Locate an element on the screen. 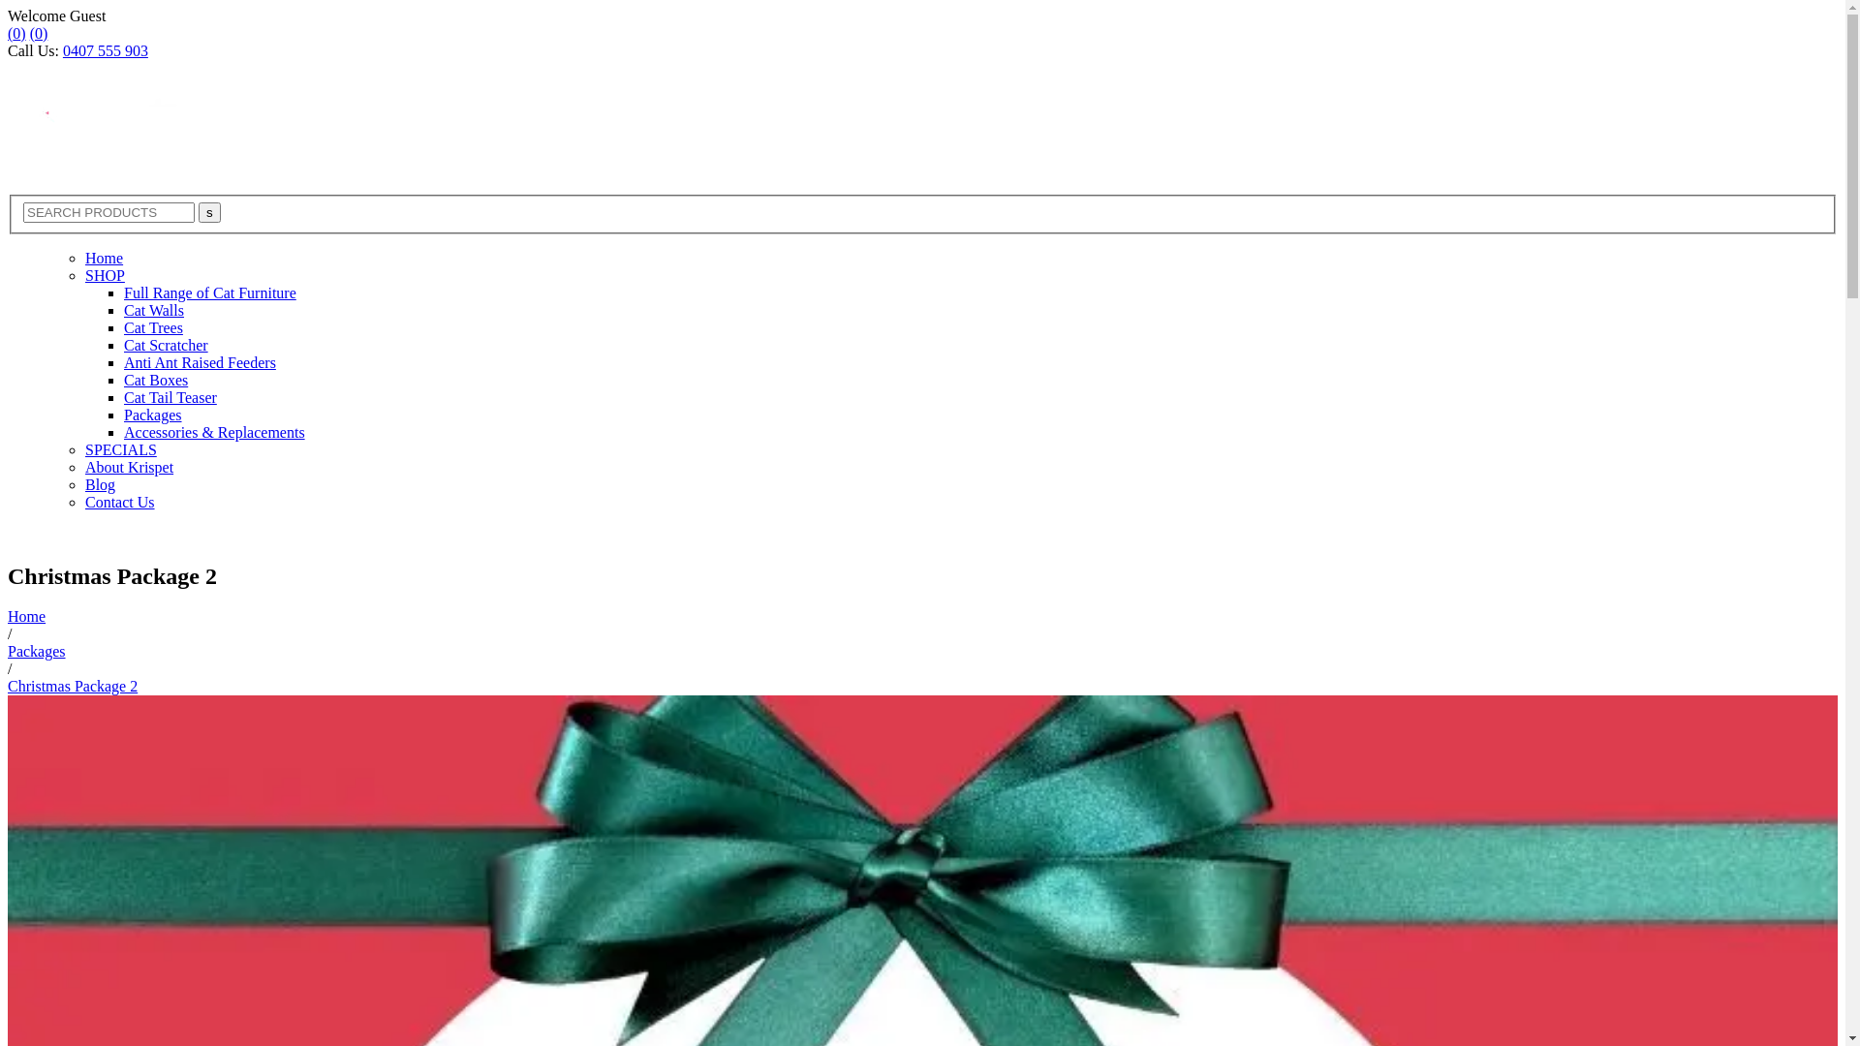 This screenshot has height=1046, width=1860. 'Krispet Pty Ltd' is located at coordinates (104, 125).